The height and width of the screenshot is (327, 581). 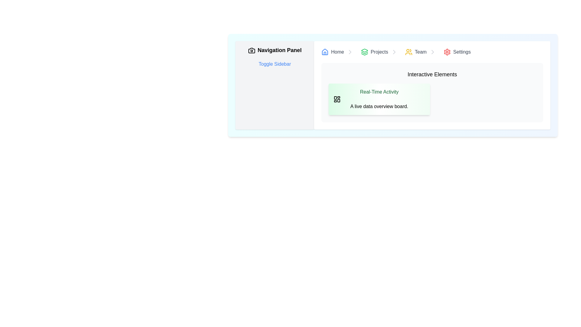 I want to click on the house-shaped icon with a blue outline located to the left of the 'Home' link in the top navigation bar, so click(x=325, y=52).